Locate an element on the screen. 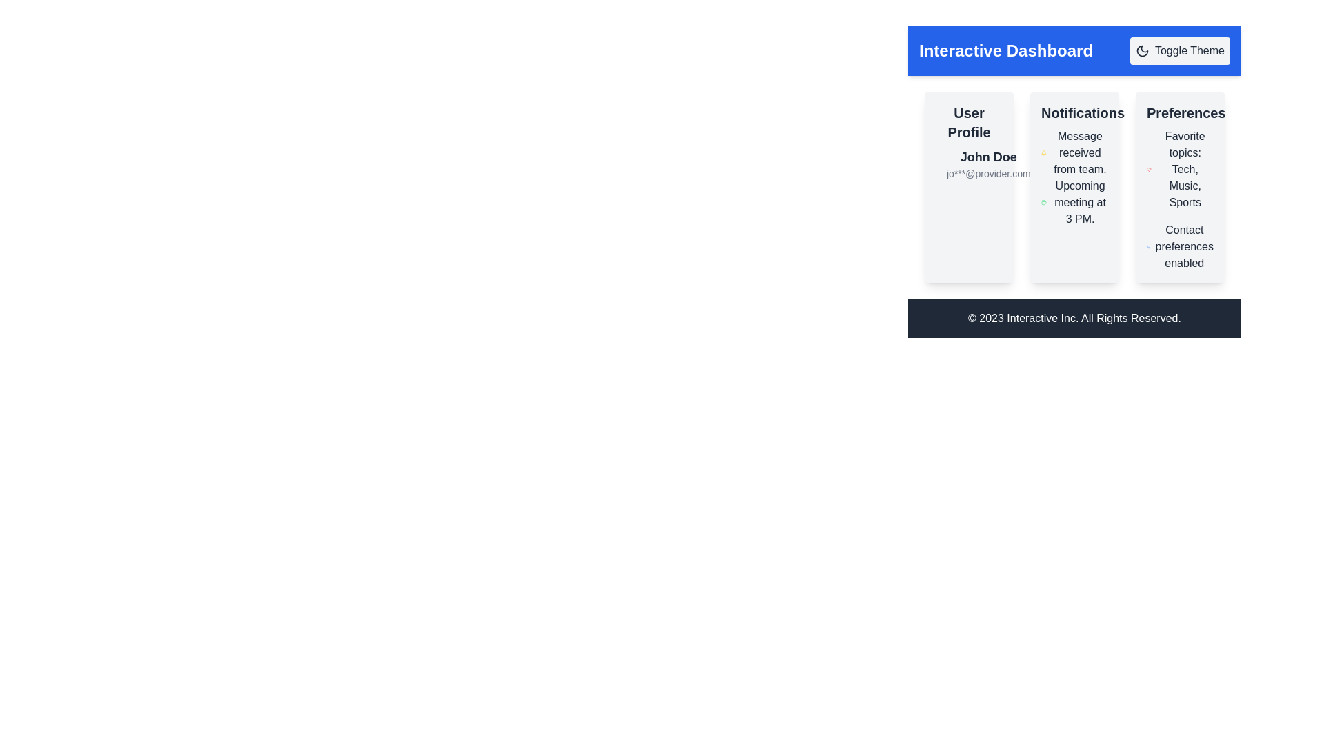 This screenshot has width=1324, height=745. the footer text block that provides copyright information at the bottom of the layout is located at coordinates (1074, 319).